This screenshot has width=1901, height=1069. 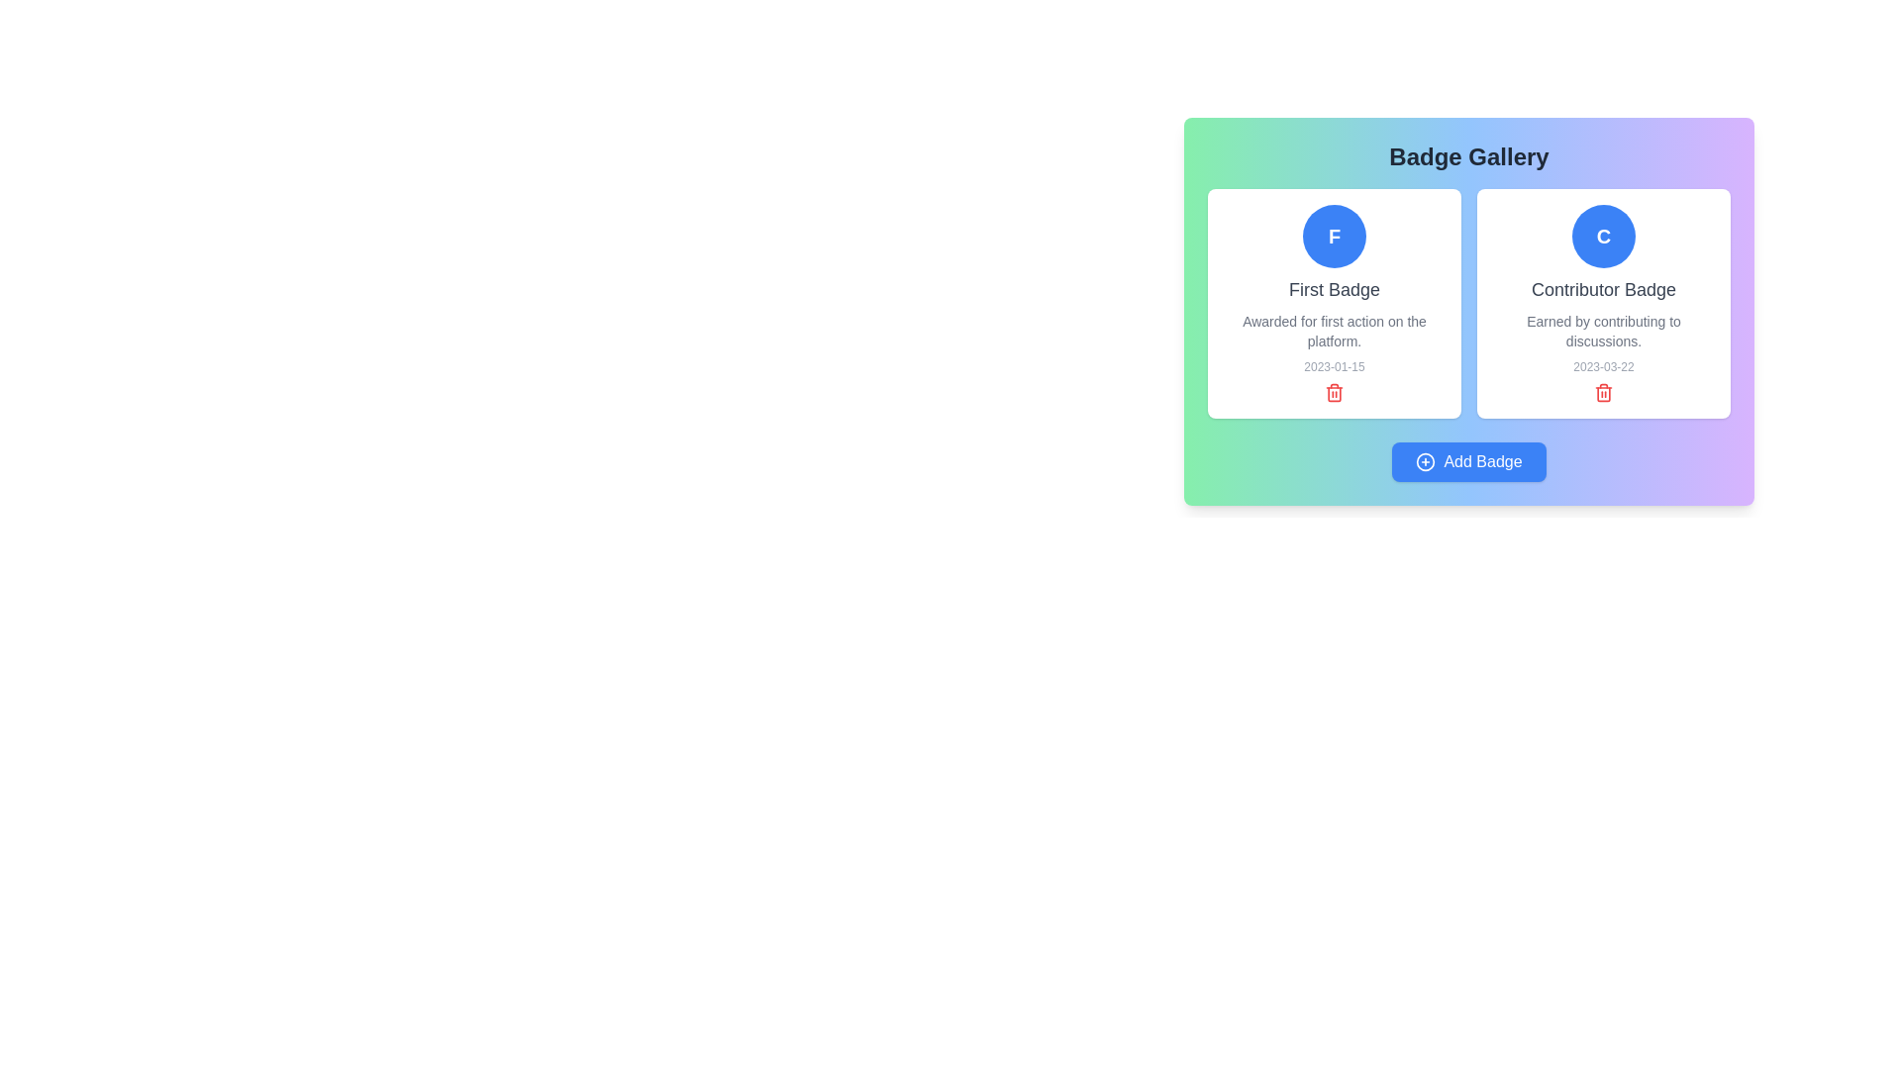 I want to click on the text label that identifies the badge, located below the circle with 'F' and above the description 'Awarded for first action on the platform.' in the Badge Gallery section, so click(x=1335, y=290).